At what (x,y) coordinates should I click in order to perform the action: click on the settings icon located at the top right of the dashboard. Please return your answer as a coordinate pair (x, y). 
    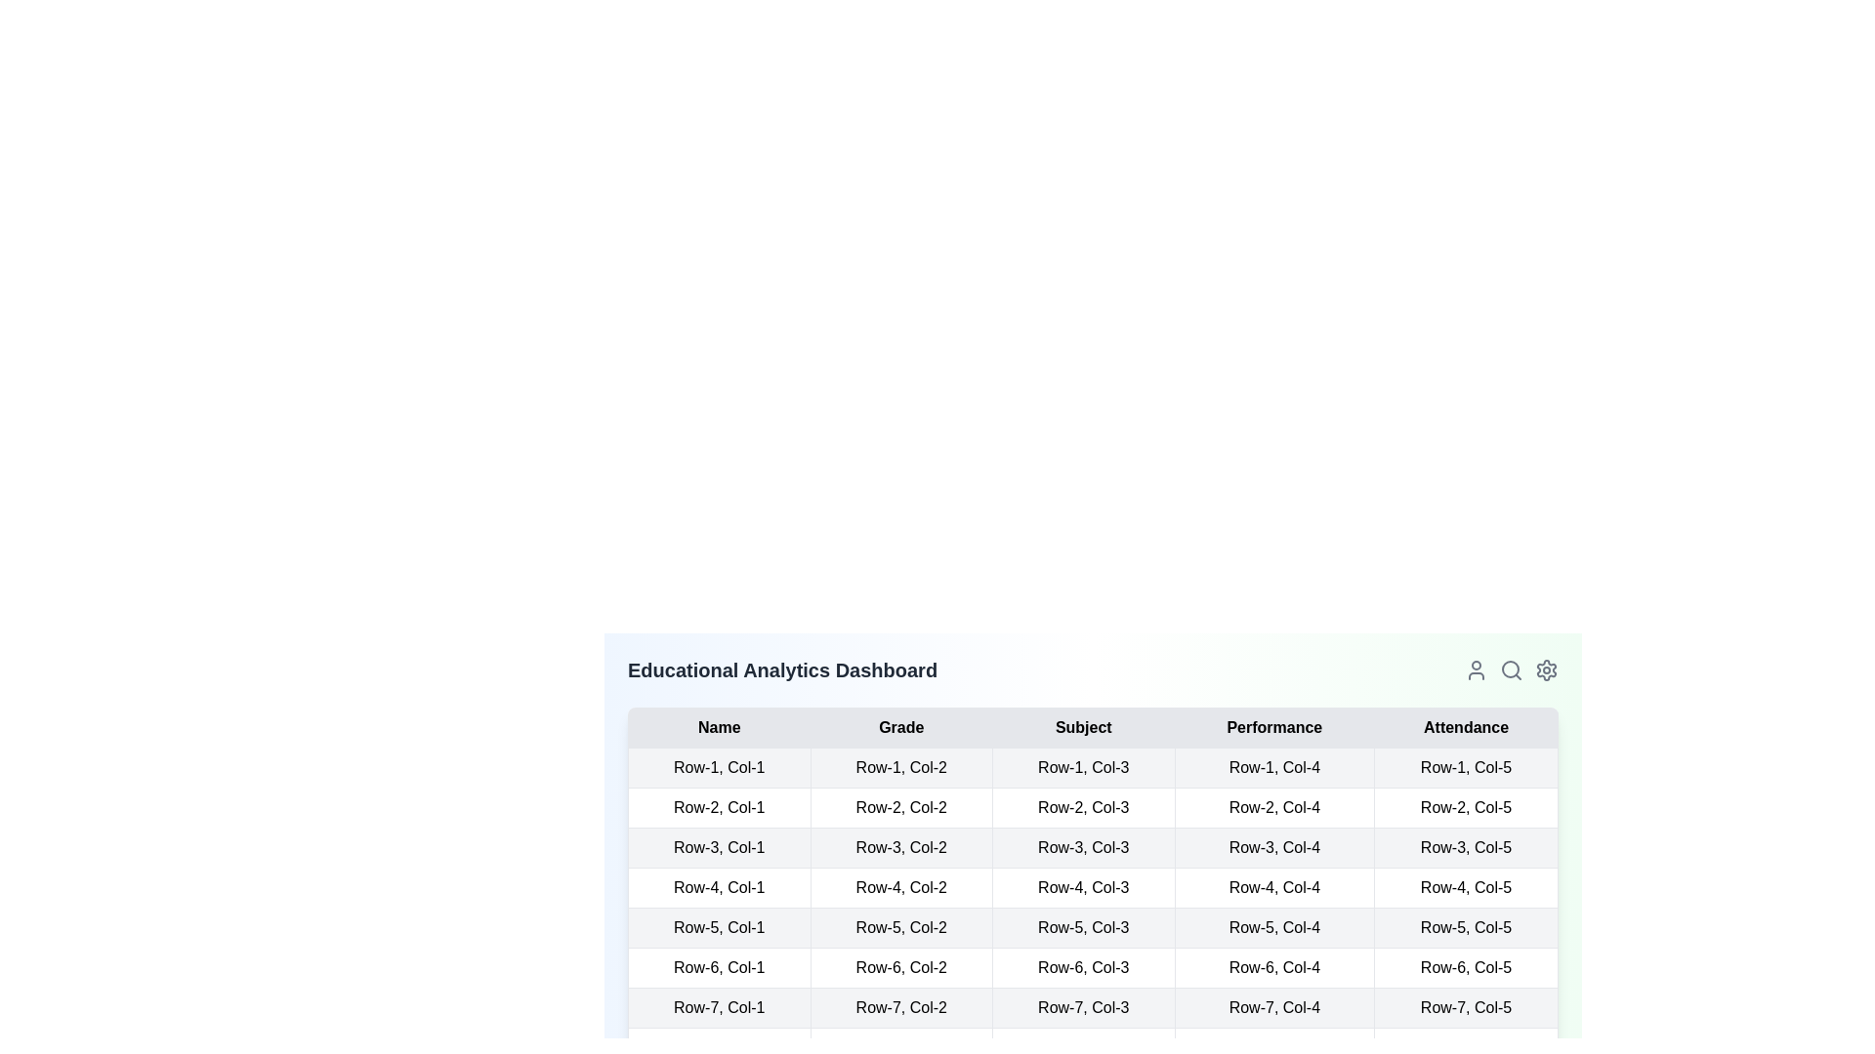
    Looking at the image, I should click on (1546, 669).